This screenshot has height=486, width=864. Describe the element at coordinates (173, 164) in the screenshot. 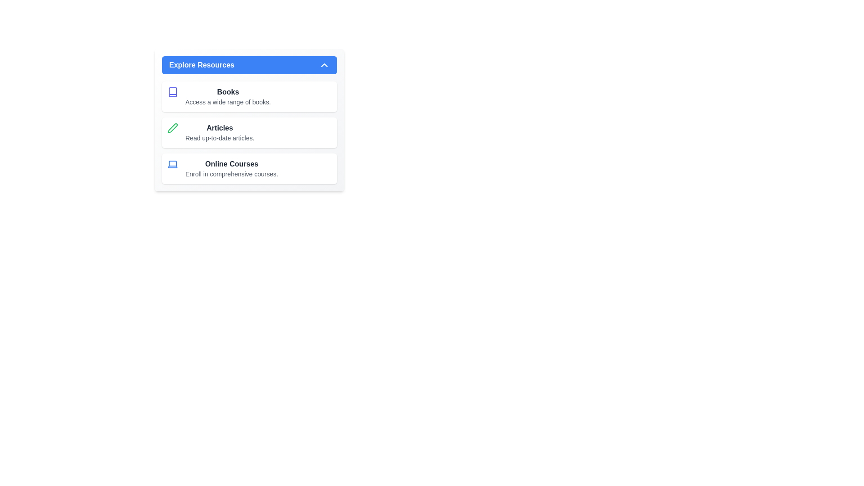

I see `'Online Courses' icon located to the left of the text in the third entry of the 'Explore Resources' list` at that location.